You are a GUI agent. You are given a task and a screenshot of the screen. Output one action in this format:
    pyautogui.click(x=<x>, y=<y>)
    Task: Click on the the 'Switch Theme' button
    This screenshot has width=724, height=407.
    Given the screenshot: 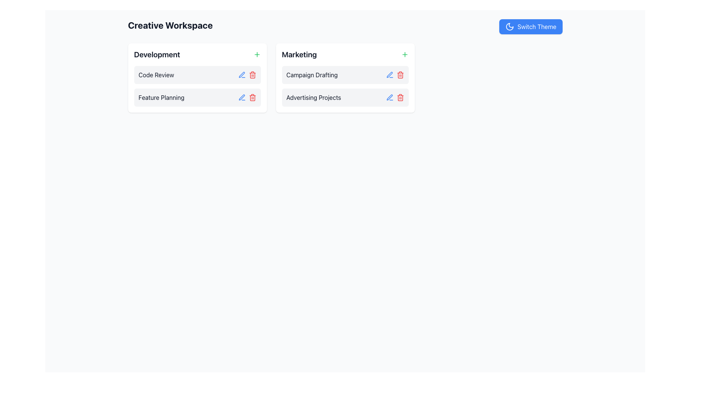 What is the action you would take?
    pyautogui.click(x=530, y=26)
    